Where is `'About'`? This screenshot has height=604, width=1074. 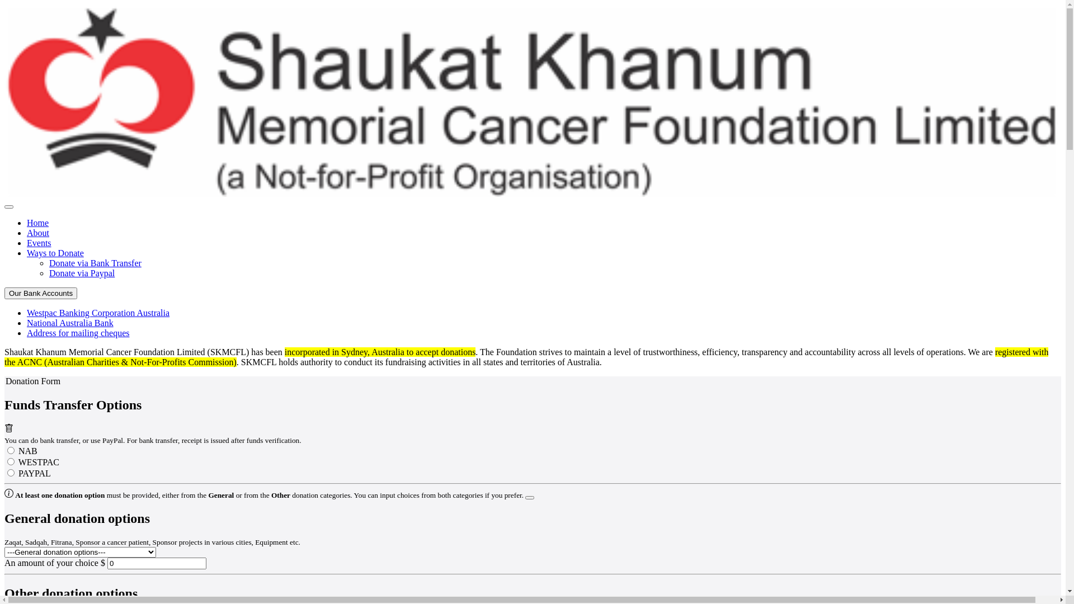
'About' is located at coordinates (37, 232).